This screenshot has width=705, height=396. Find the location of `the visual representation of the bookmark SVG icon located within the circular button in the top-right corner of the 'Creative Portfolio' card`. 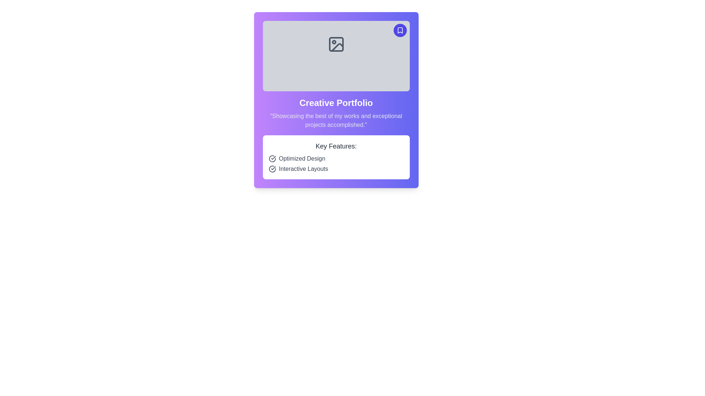

the visual representation of the bookmark SVG icon located within the circular button in the top-right corner of the 'Creative Portfolio' card is located at coordinates (399, 30).